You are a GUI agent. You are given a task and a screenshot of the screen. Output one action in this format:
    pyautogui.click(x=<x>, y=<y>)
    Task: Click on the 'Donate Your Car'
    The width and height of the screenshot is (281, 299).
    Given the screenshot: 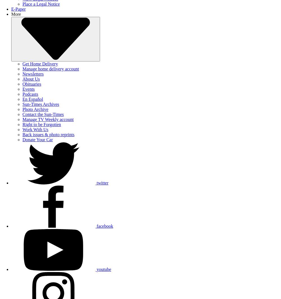 What is the action you would take?
    pyautogui.click(x=22, y=139)
    